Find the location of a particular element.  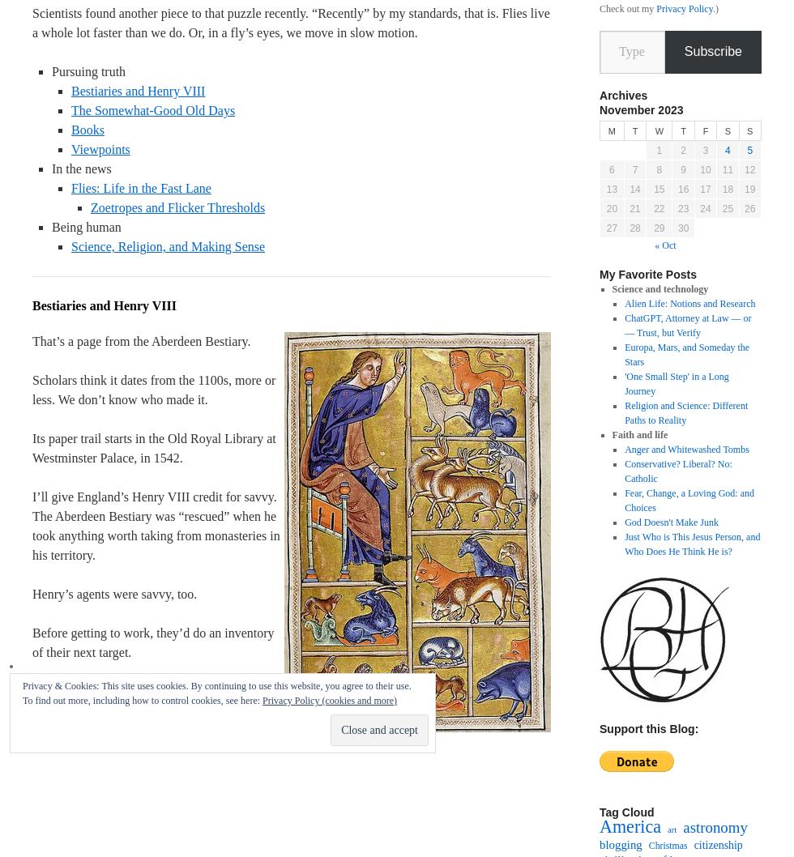

'9' is located at coordinates (682, 170).